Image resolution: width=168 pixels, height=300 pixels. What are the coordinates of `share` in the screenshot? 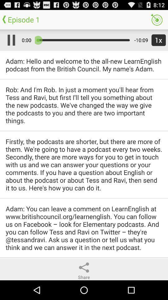 It's located at (84, 267).